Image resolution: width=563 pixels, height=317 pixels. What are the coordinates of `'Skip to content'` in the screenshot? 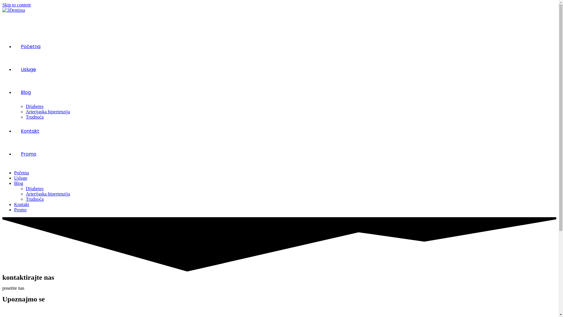 It's located at (16, 5).